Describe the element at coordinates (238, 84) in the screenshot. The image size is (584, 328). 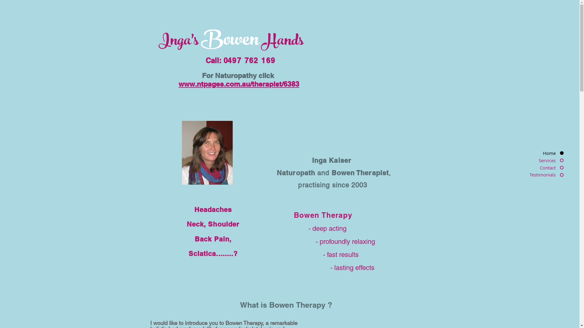
I see `'www.ntpages.com.au/therapist/6383'` at that location.